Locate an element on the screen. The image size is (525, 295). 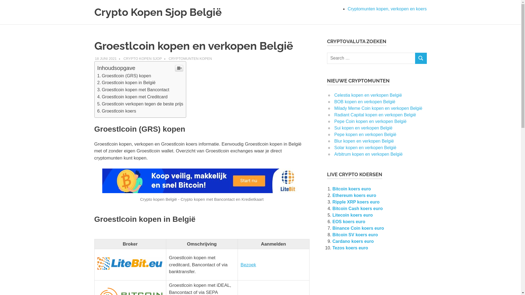
'Groestlcoin koers' is located at coordinates (116, 111).